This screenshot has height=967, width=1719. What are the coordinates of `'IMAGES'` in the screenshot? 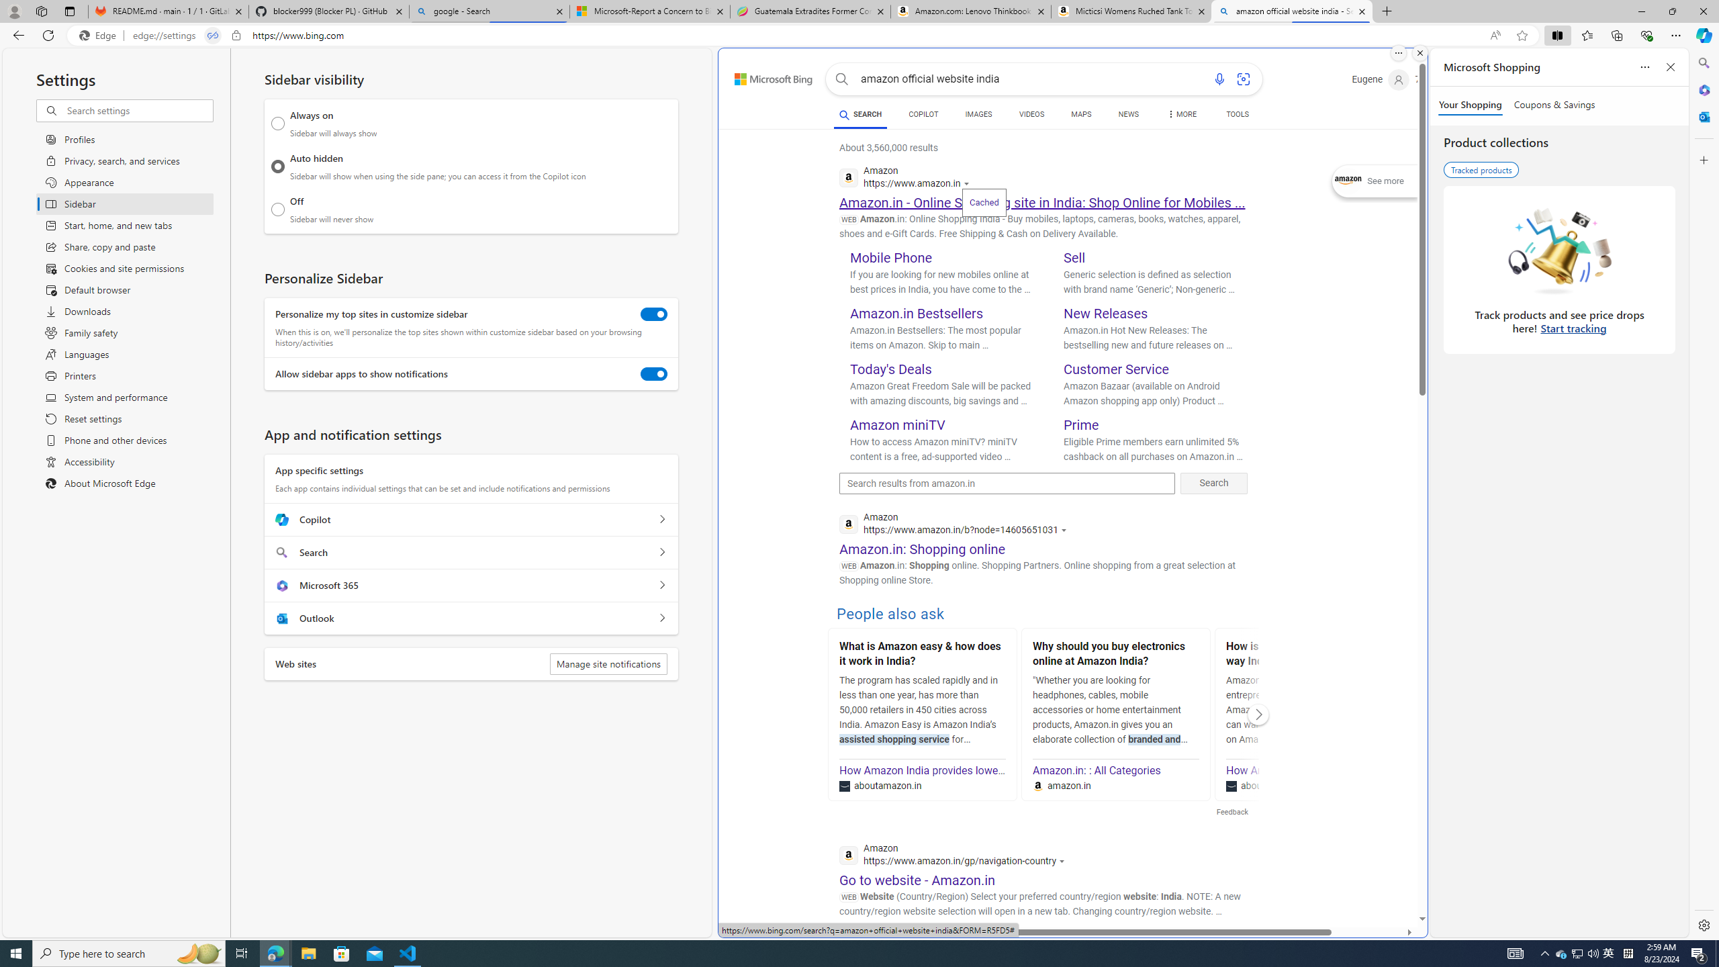 It's located at (977, 116).